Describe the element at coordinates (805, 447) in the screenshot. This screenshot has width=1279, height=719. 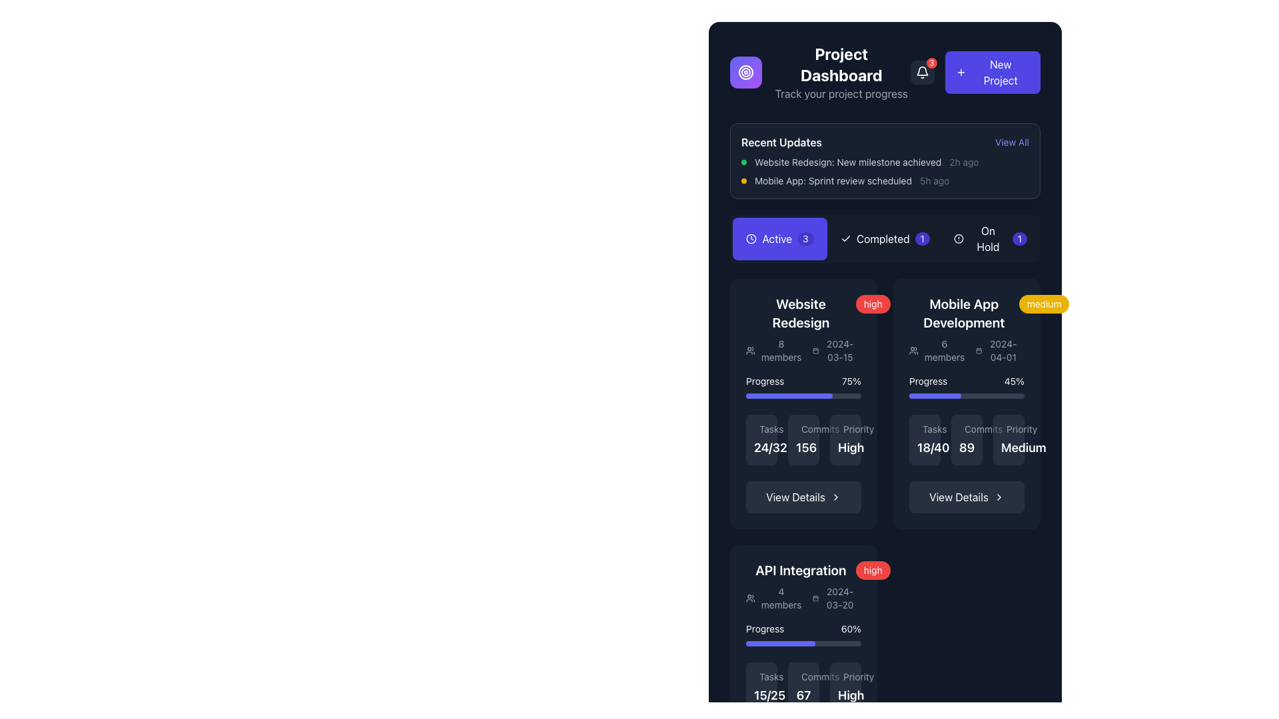
I see `the Static text label displaying the number '156' in bold, large font under the 'Commits' label in the 'Website Redesign' section` at that location.